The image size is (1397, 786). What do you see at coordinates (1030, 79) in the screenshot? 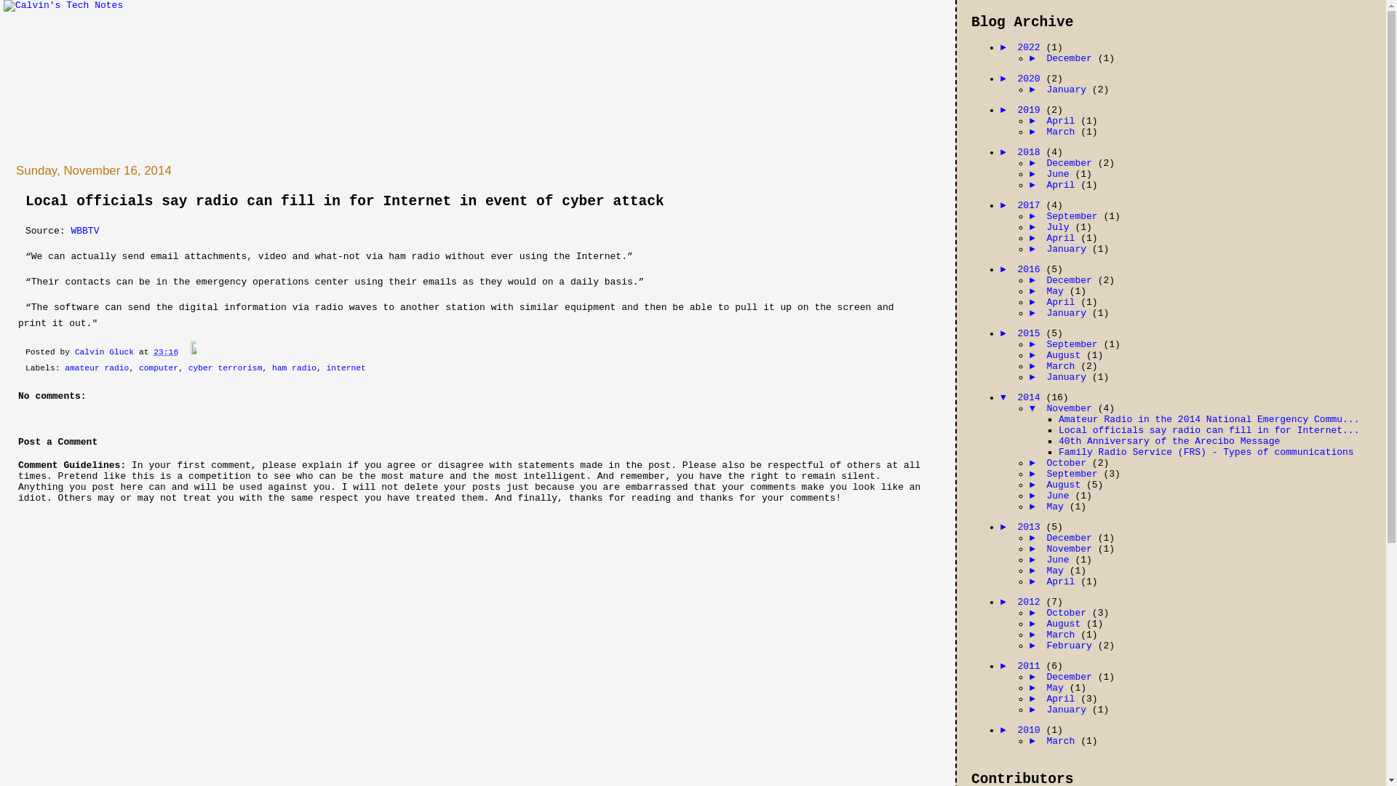
I see `'2020'` at bounding box center [1030, 79].